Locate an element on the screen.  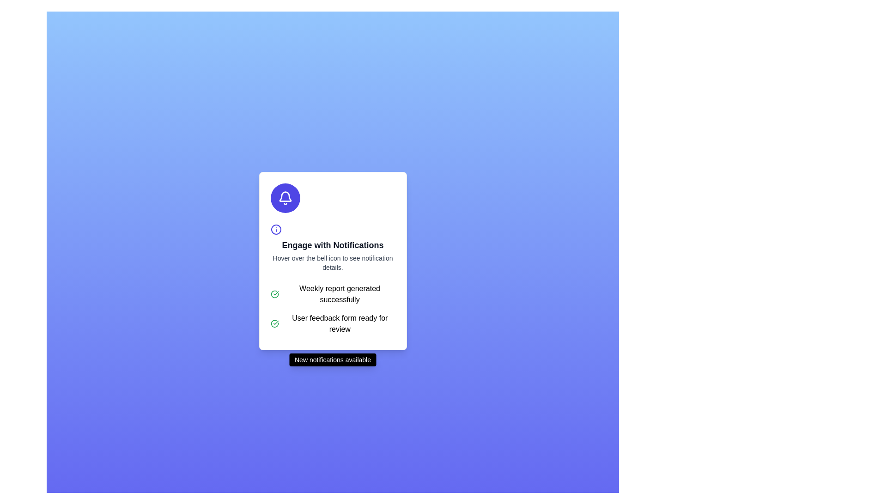
the notification icon located within a circular button at the top-center of the card interface is located at coordinates (285, 197).